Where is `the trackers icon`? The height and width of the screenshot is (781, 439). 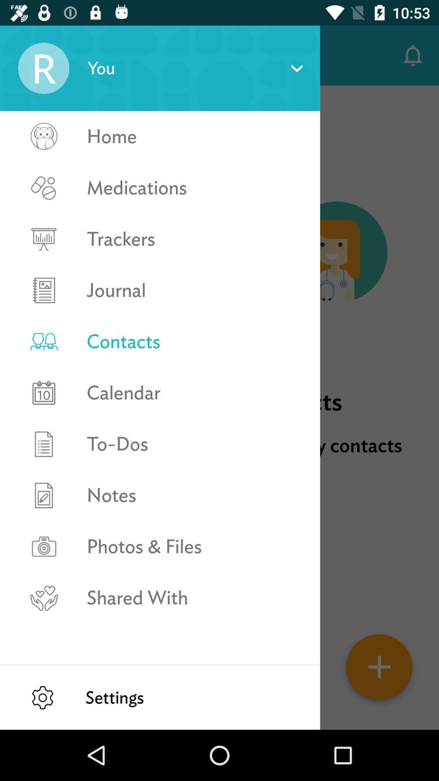 the trackers icon is located at coordinates (195, 238).